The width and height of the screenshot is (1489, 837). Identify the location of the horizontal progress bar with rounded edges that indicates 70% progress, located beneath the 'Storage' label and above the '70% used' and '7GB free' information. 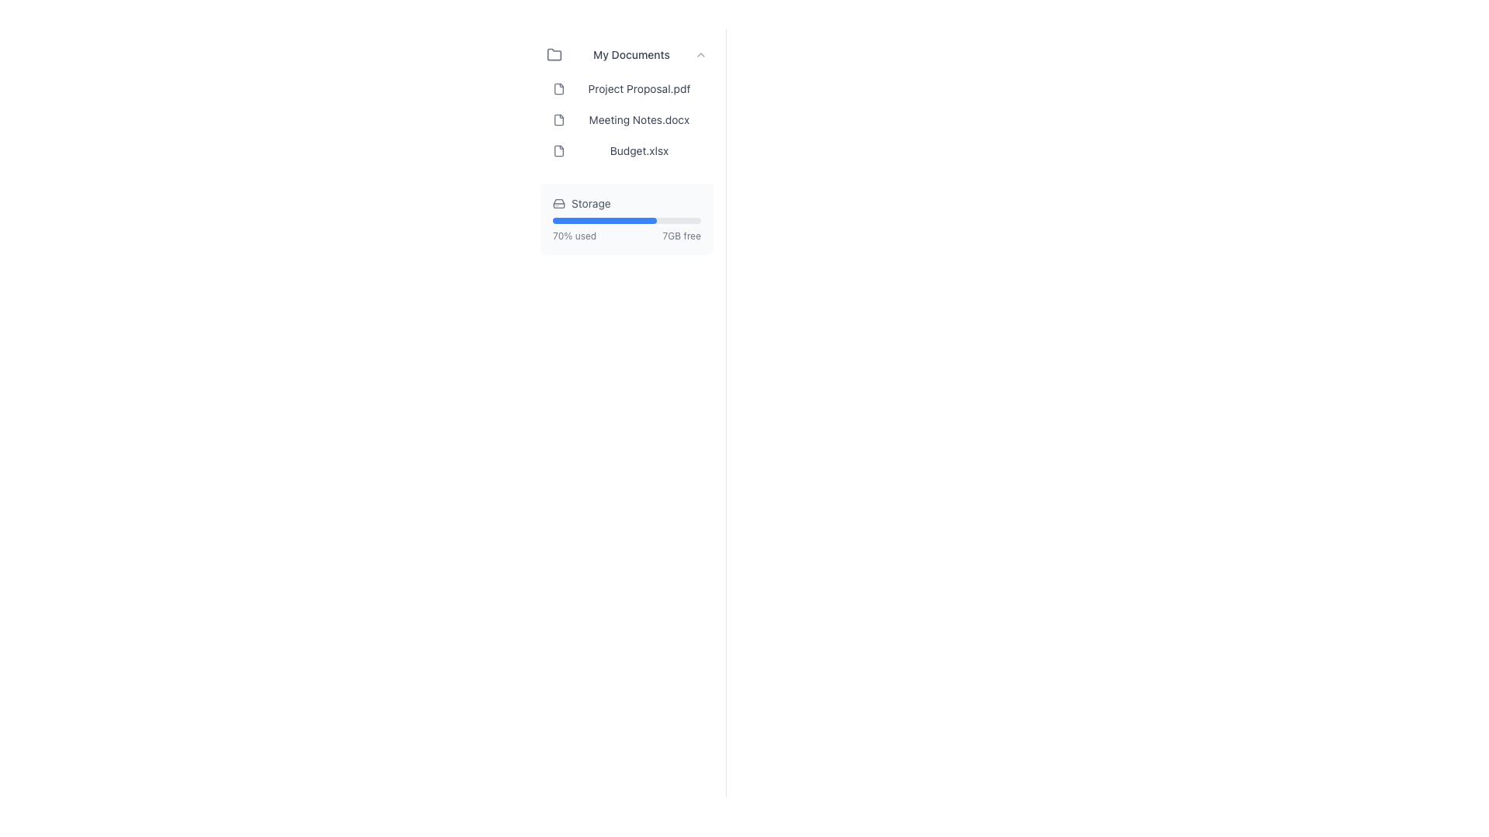
(627, 221).